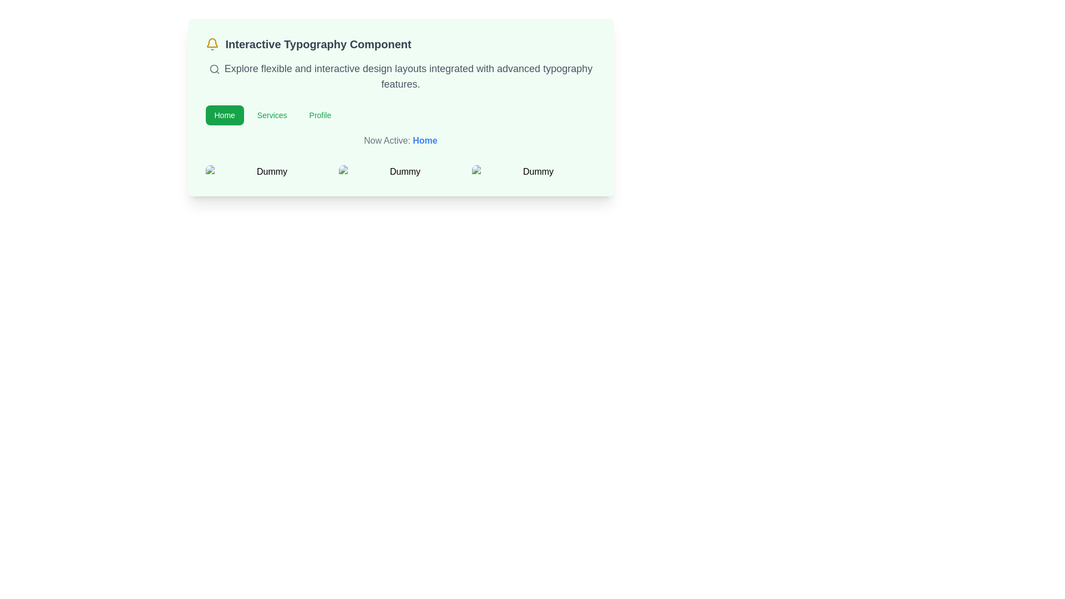 The height and width of the screenshot is (599, 1065). Describe the element at coordinates (400, 171) in the screenshot. I see `the Static Image element that displays a broken image icon and has the label 'Dummy' beneath it` at that location.